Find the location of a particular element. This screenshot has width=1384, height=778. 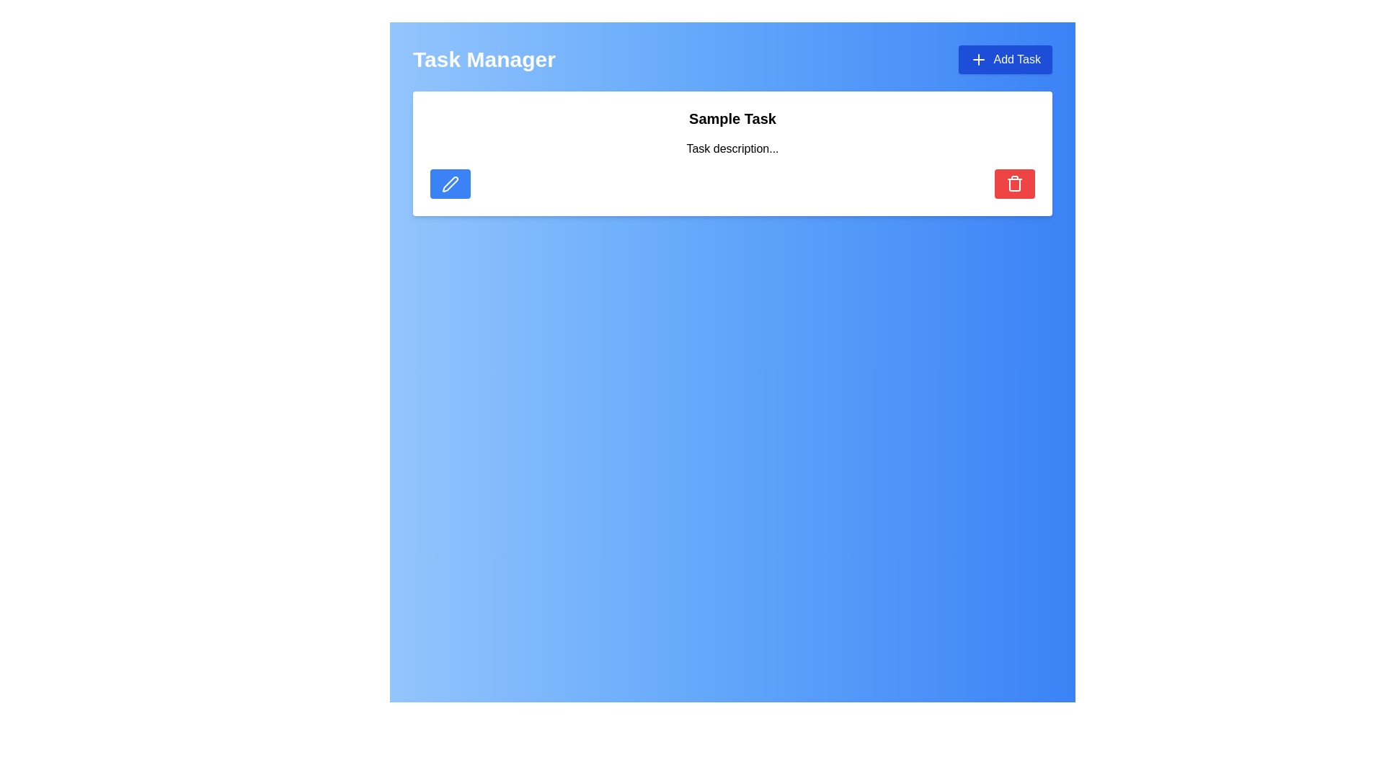

the layout component that provides visual separation between the blue button on the left and the red button on the right within the card titled 'Sample Task' is located at coordinates (732, 183).